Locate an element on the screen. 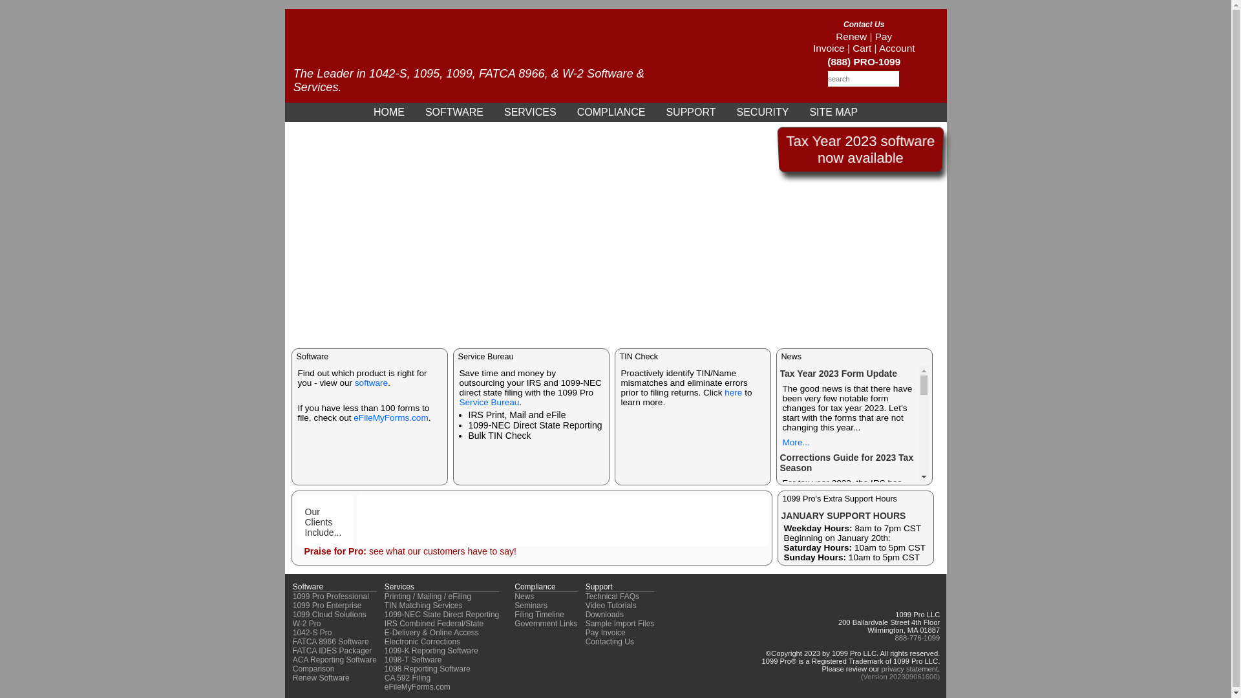  'Technical FAQs' is located at coordinates (611, 596).